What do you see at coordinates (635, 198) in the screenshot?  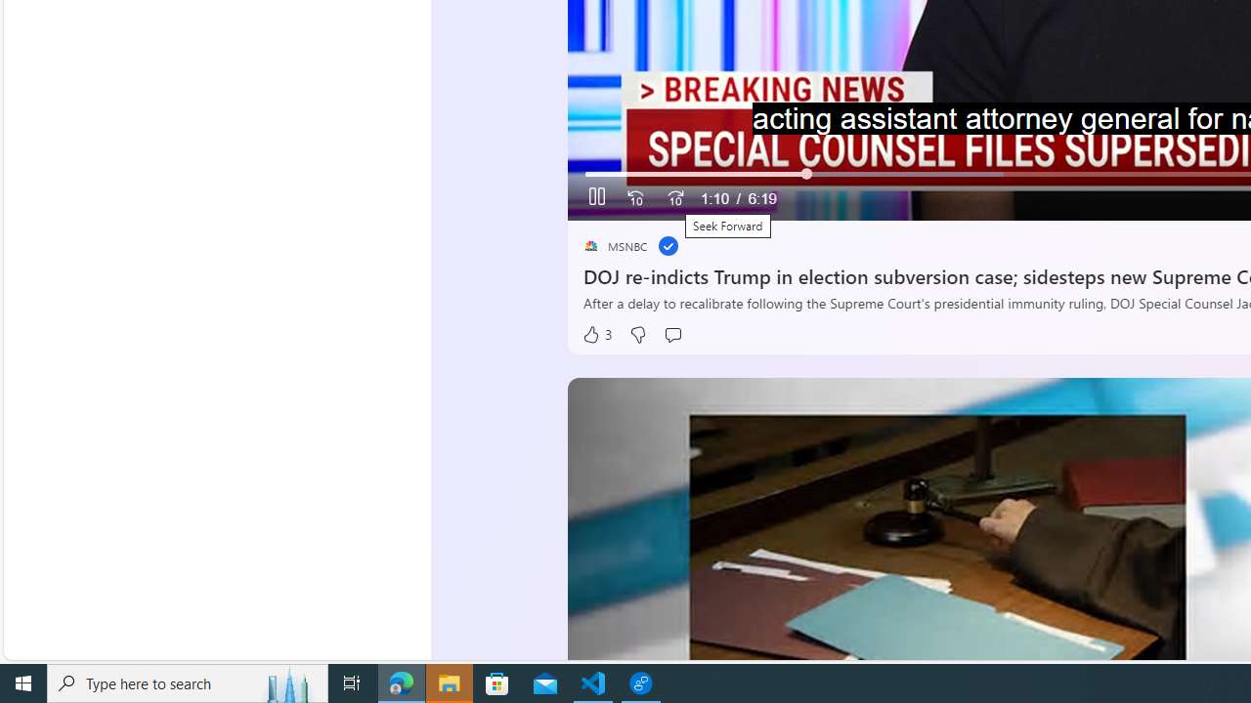 I see `'Seek Back'` at bounding box center [635, 198].